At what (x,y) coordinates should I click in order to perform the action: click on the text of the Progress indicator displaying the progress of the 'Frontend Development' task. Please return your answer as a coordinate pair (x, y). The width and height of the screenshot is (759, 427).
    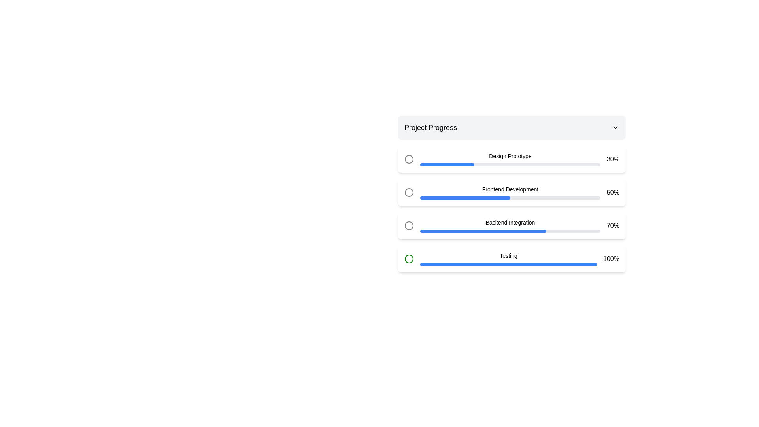
    Looking at the image, I should click on (510, 192).